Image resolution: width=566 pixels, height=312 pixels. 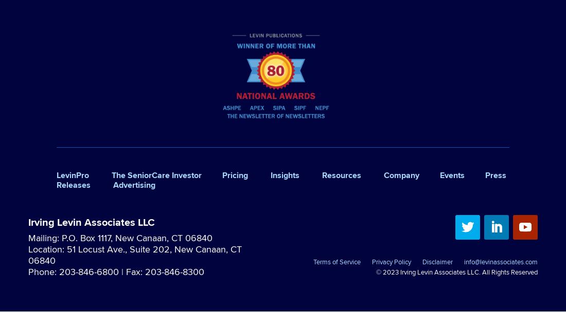 I want to click on 'LevinPro', so click(x=72, y=174).